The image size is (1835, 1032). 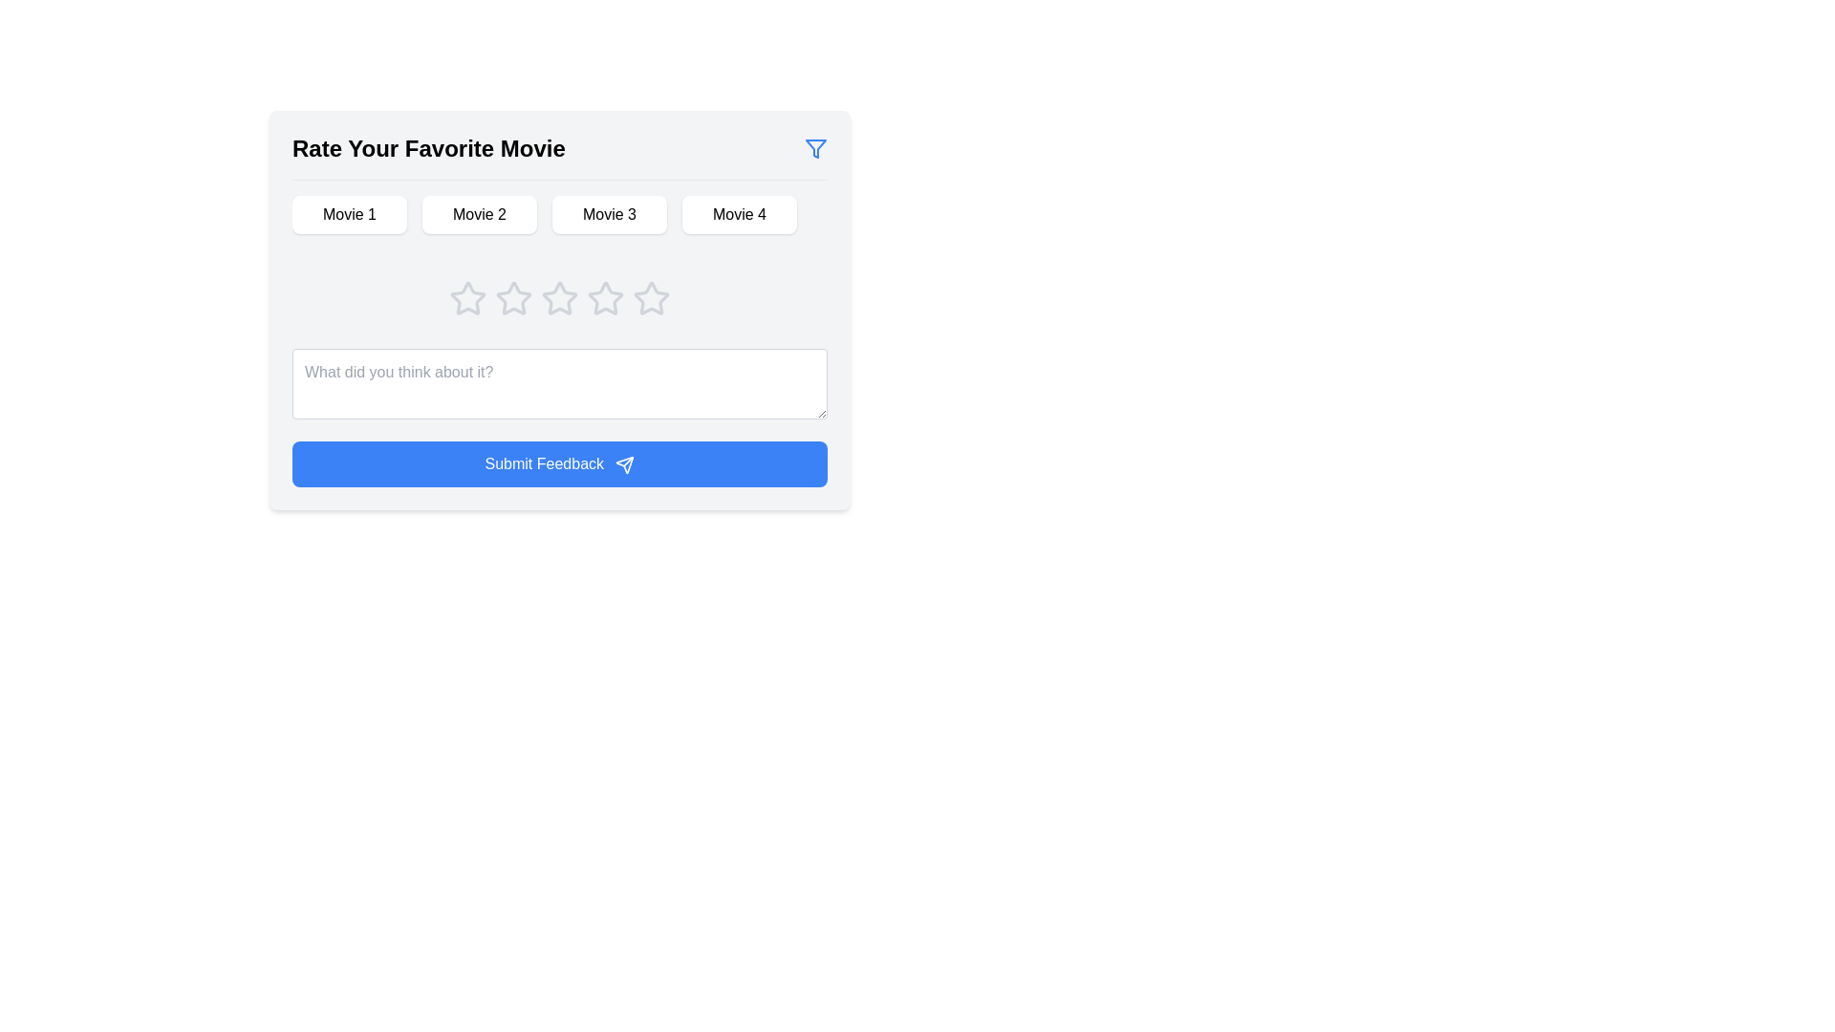 I want to click on the fifth star icon in the 5-star rating system, so click(x=651, y=298).